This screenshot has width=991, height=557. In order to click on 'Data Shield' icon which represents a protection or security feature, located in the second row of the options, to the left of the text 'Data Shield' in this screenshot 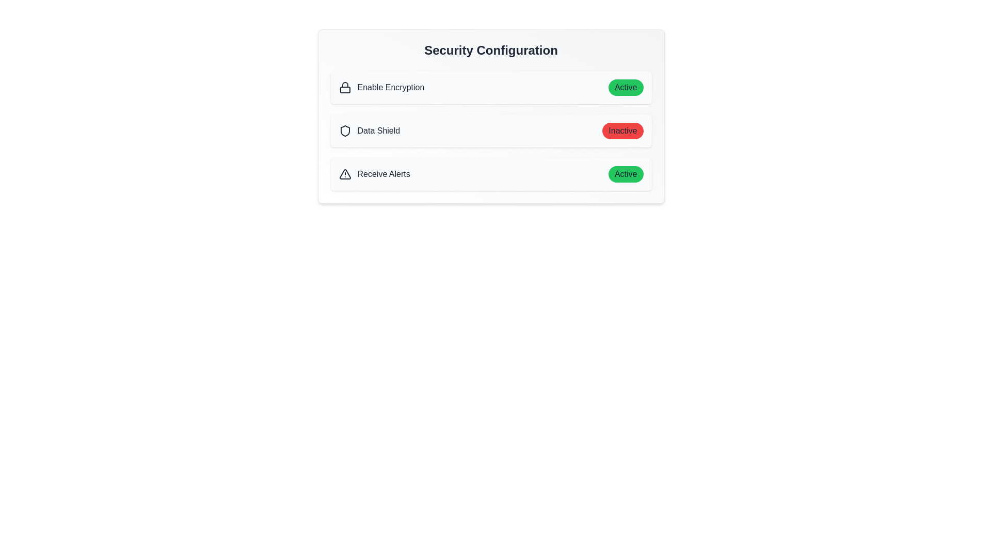, I will do `click(345, 130)`.